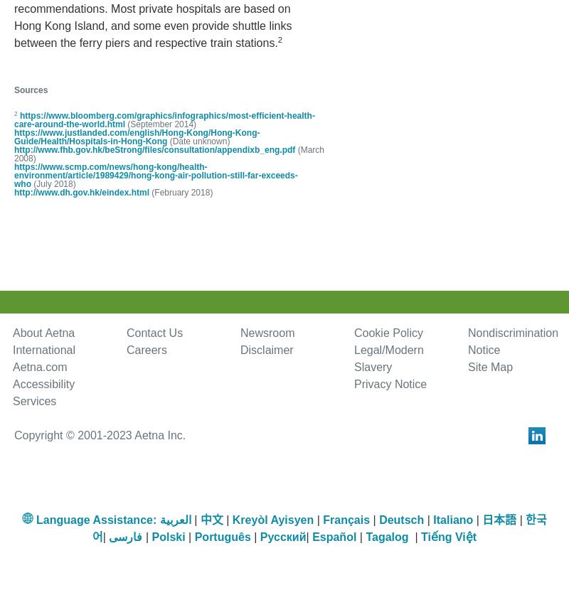 The width and height of the screenshot is (569, 595). I want to click on 'Aetna.com', so click(39, 366).